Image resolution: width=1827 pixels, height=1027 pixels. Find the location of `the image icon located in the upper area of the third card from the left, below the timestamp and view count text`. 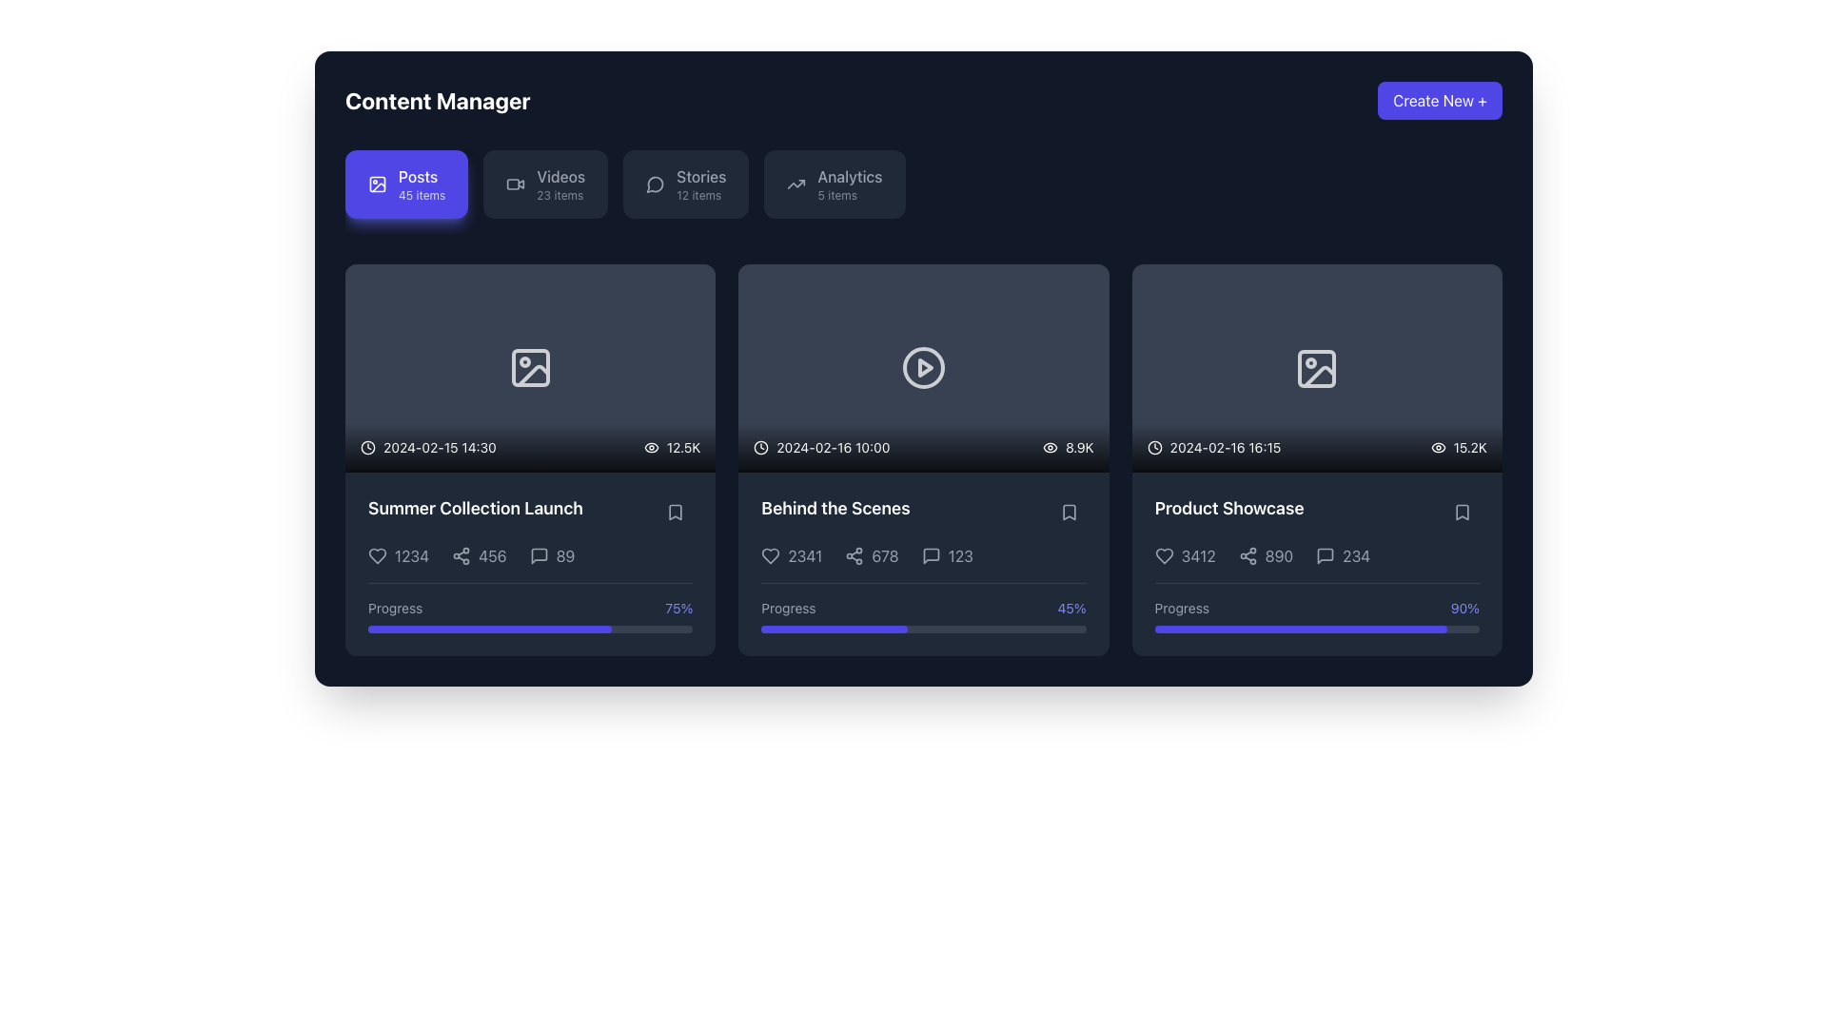

the image icon located in the upper area of the third card from the left, below the timestamp and view count text is located at coordinates (1316, 368).